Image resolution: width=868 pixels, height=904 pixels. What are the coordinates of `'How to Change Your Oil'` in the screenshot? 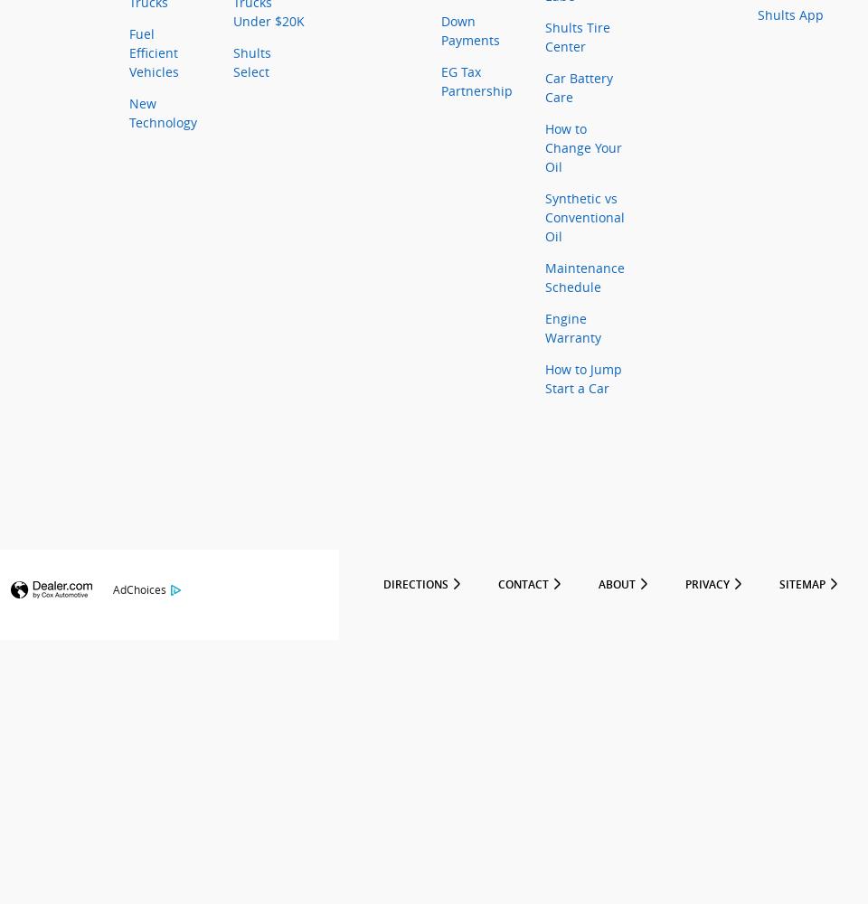 It's located at (582, 147).